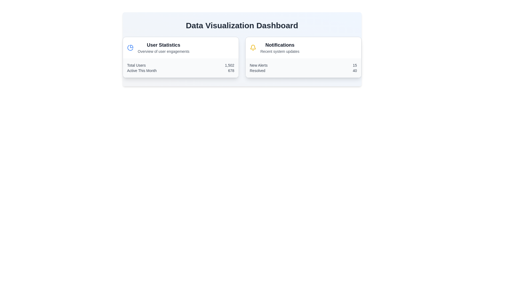 This screenshot has height=288, width=512. Describe the element at coordinates (253, 47) in the screenshot. I see `the icon for Notifications to trigger its functionality` at that location.